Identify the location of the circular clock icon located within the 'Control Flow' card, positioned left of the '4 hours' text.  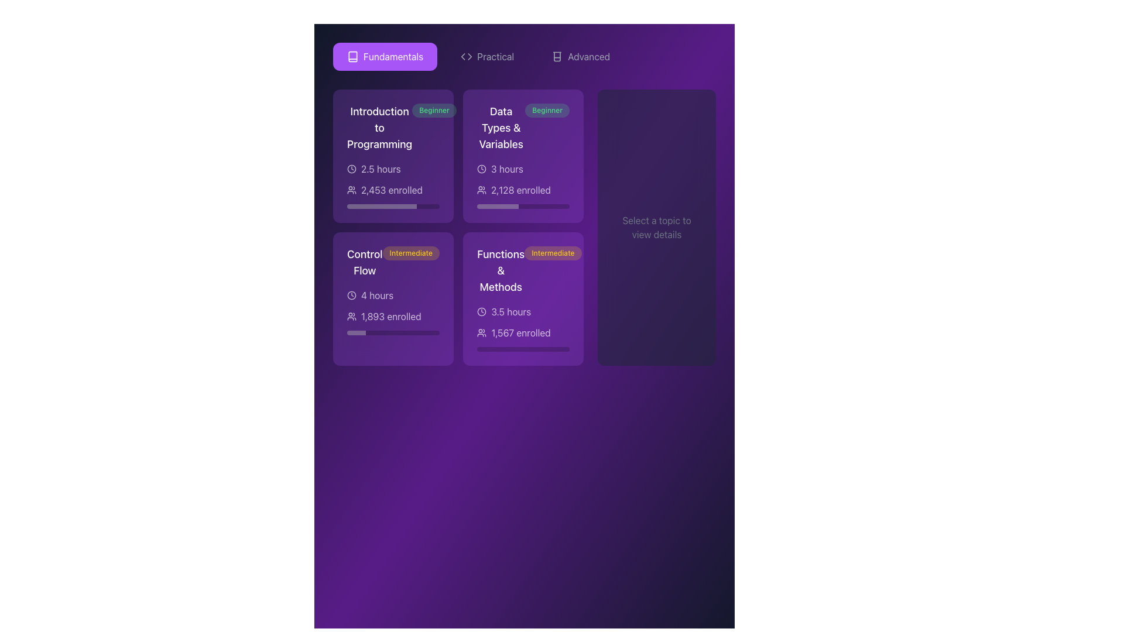
(351, 295).